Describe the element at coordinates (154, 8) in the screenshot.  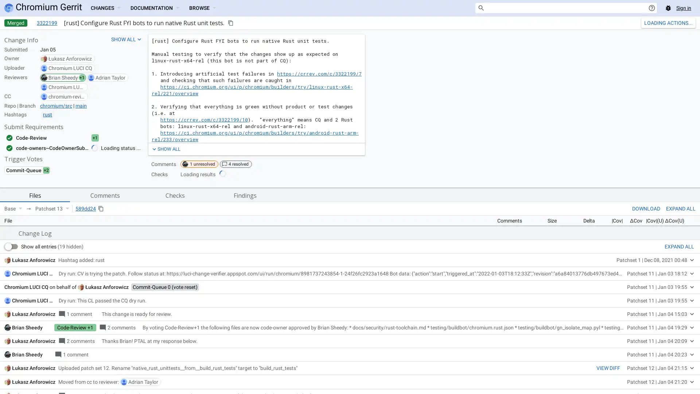
I see `DOCUMENTATION` at that location.